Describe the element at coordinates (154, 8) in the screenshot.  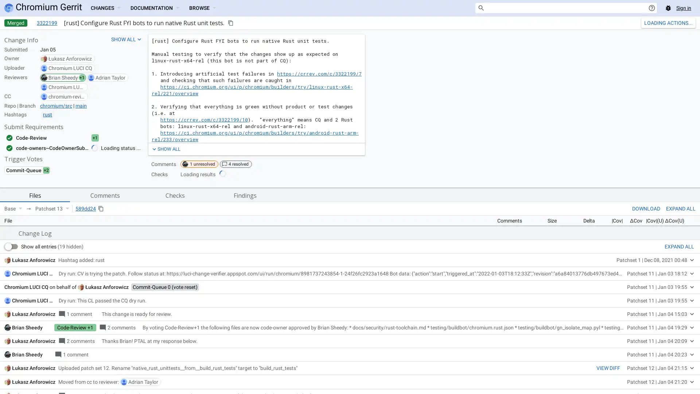
I see `DOCUMENTATION` at that location.